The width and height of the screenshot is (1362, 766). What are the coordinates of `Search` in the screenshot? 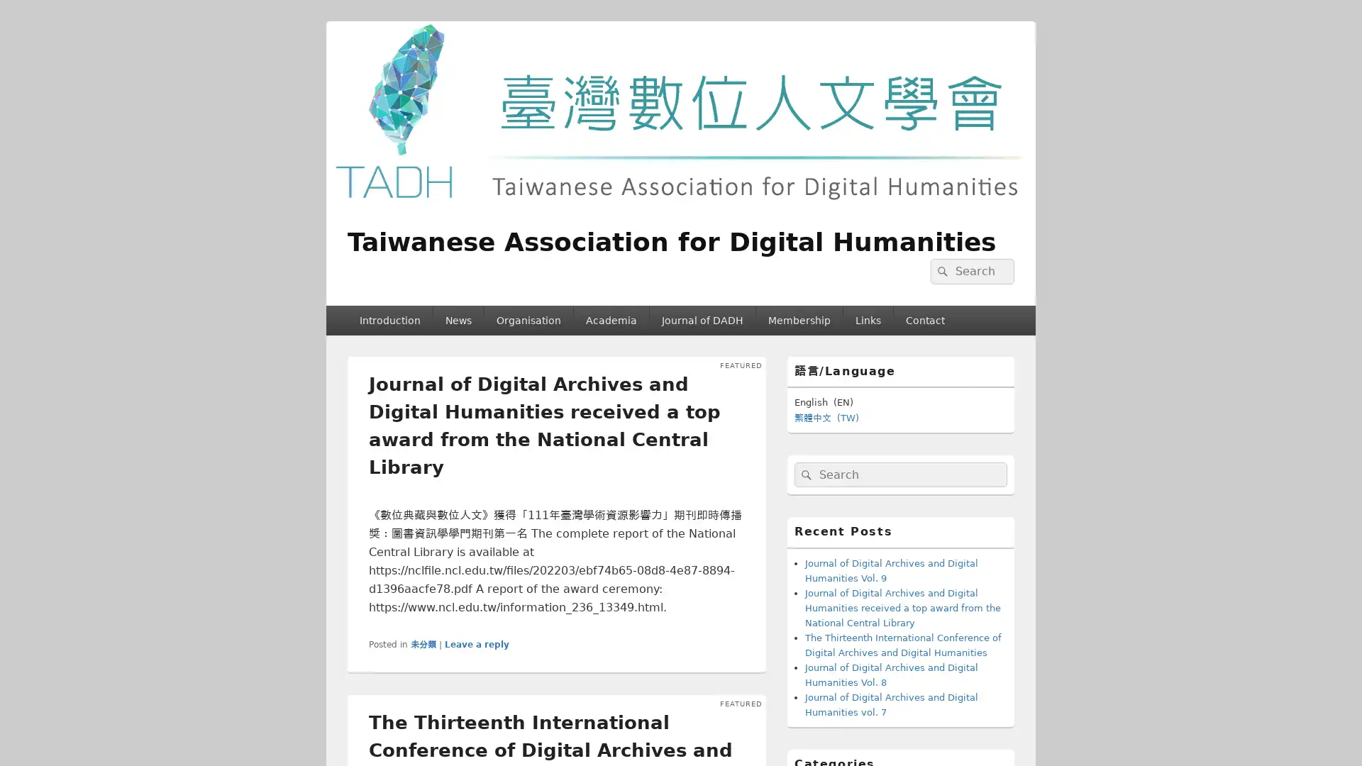 It's located at (804, 474).